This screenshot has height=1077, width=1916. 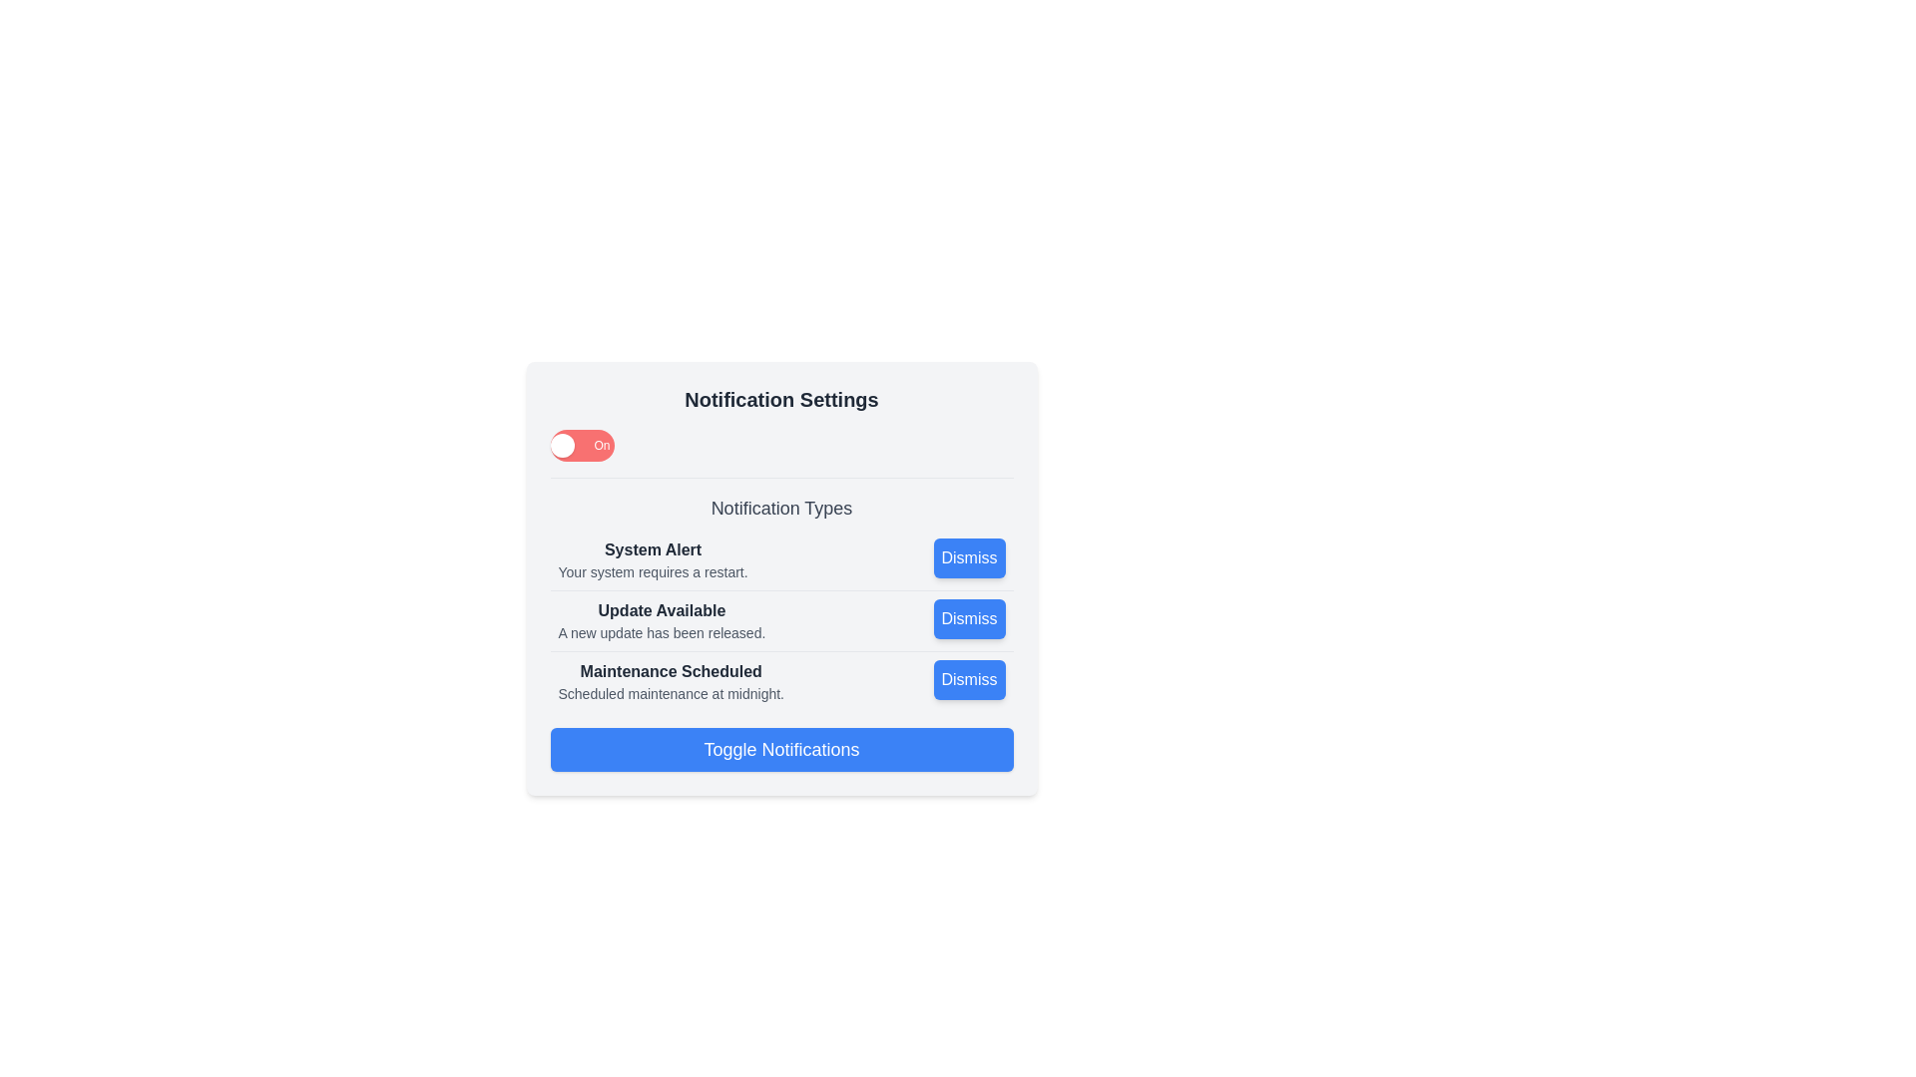 I want to click on the header text 'Notification Settings' which is styled in a large bold dark gray font and located at the top of the settings panel above the toggle button, so click(x=780, y=400).